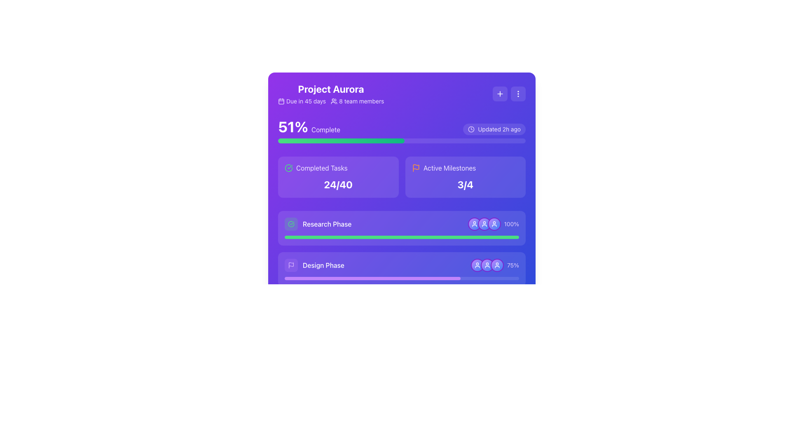 The image size is (791, 445). Describe the element at coordinates (321, 168) in the screenshot. I see `the 'Completed Tasks' text label, which is displayed in purple and located near the top left corner of a rectangular card with a light purple background` at that location.